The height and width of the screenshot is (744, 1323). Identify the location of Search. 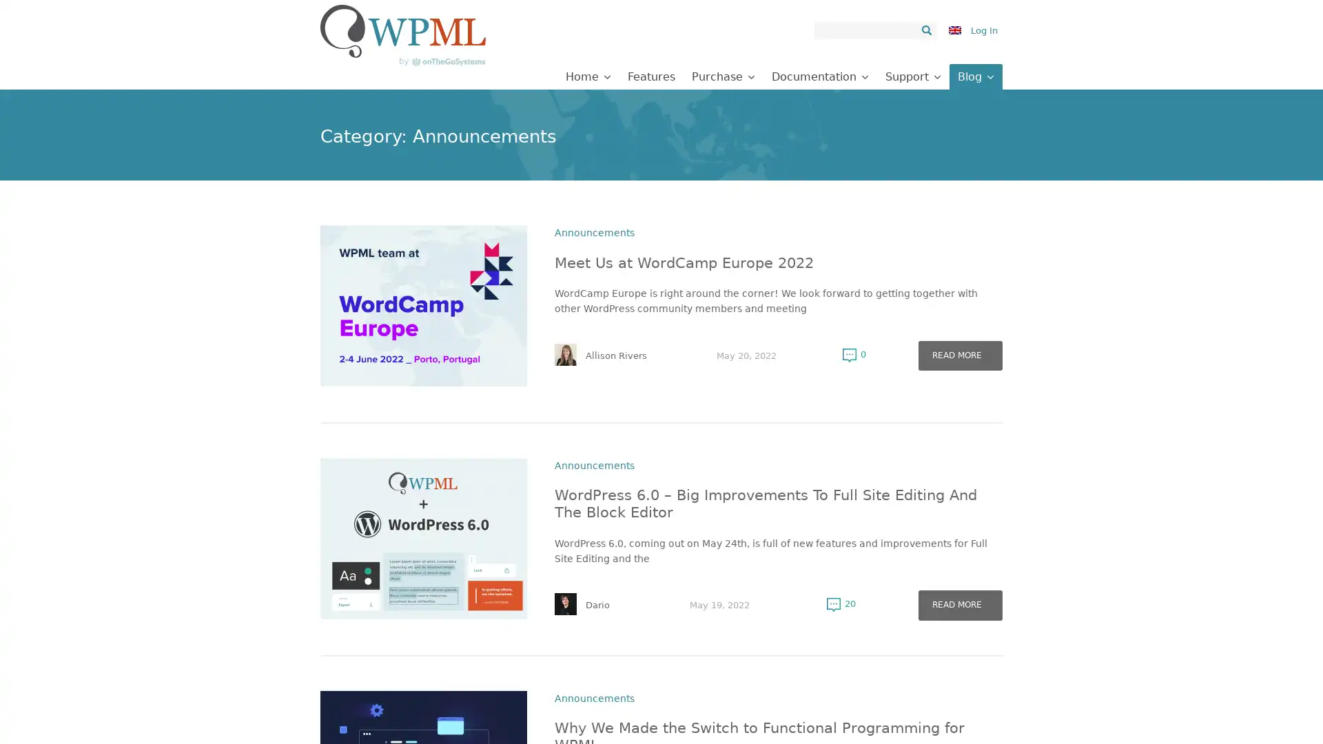
(926, 30).